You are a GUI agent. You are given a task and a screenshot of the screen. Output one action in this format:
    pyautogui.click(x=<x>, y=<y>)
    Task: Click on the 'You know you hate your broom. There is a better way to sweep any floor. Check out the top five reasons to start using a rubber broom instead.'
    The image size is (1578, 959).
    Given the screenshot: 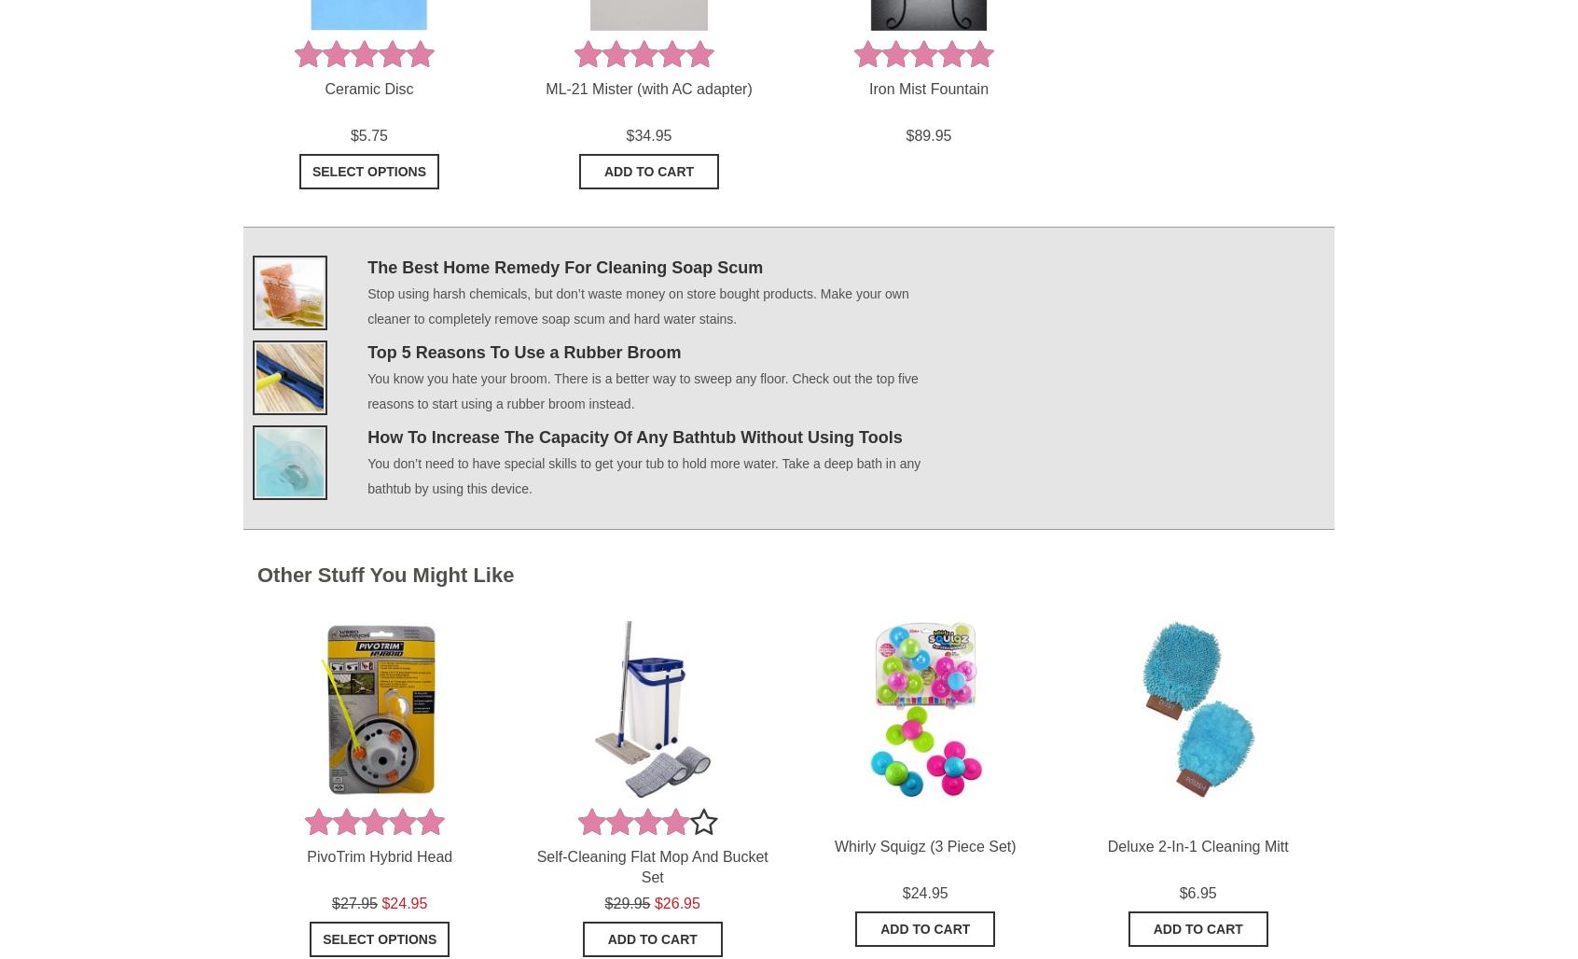 What is the action you would take?
    pyautogui.click(x=642, y=390)
    